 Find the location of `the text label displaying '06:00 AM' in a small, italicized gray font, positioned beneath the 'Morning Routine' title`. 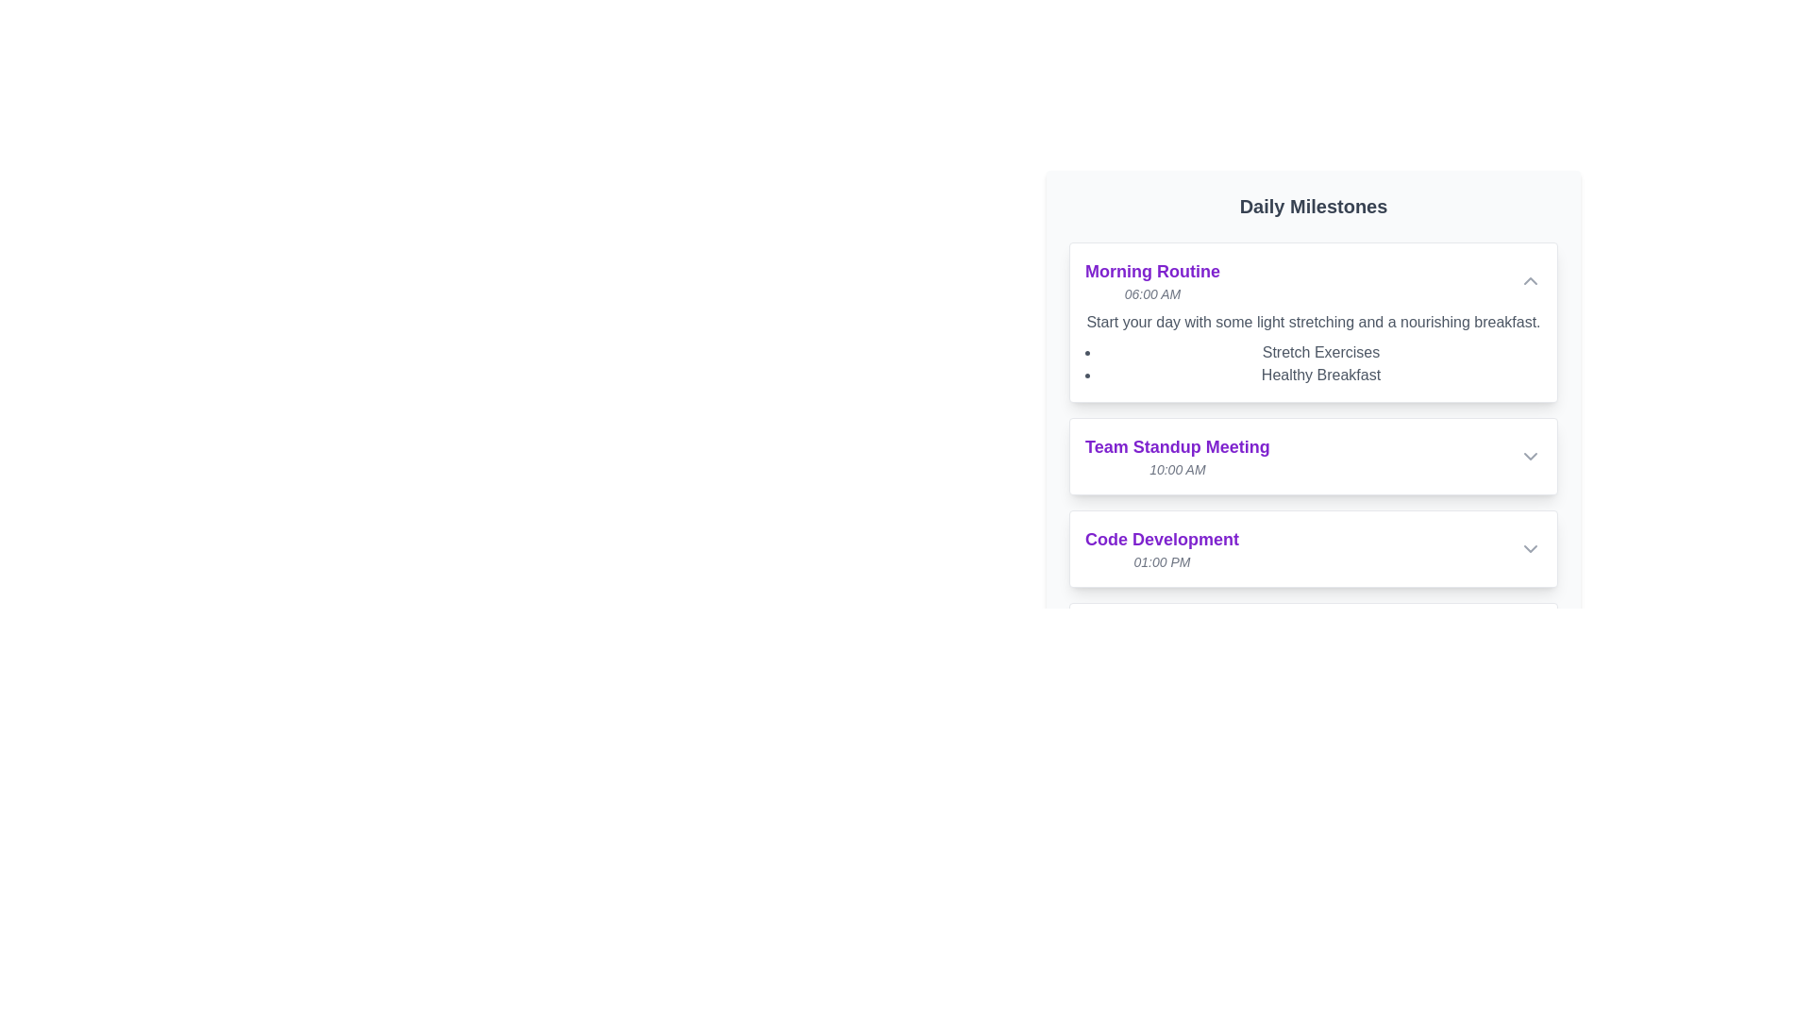

the text label displaying '06:00 AM' in a small, italicized gray font, positioned beneath the 'Morning Routine' title is located at coordinates (1151, 294).